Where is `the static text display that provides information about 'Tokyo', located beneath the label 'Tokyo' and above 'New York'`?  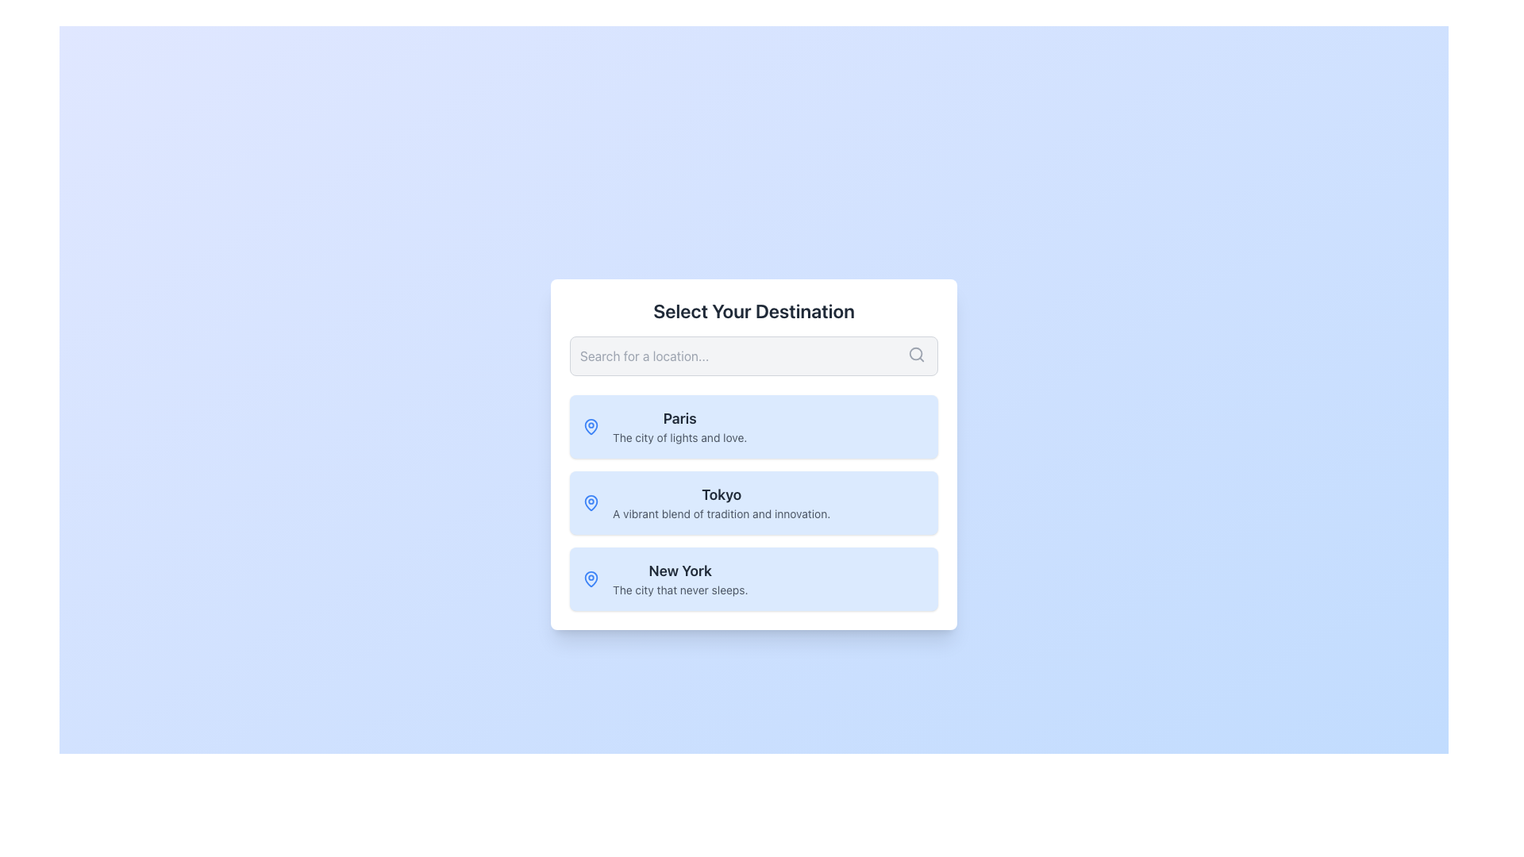 the static text display that provides information about 'Tokyo', located beneath the label 'Tokyo' and above 'New York' is located at coordinates (721, 514).